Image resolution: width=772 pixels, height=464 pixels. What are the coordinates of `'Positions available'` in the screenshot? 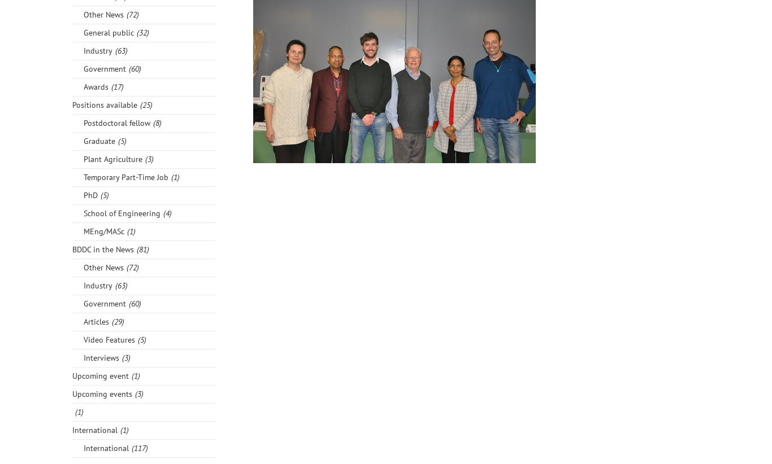 It's located at (104, 104).